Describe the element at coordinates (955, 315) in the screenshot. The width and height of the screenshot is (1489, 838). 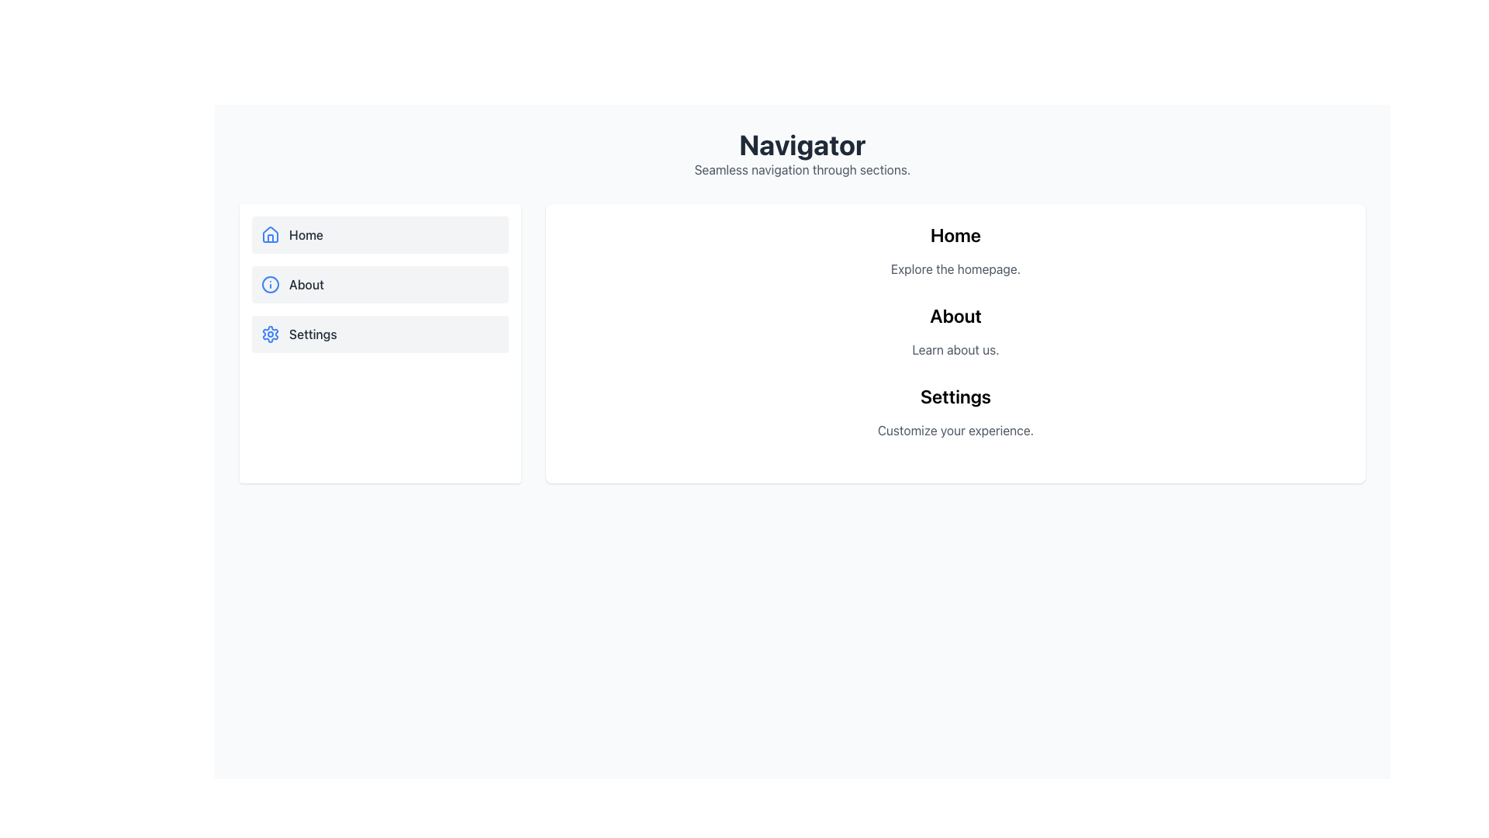
I see `the 'About' text label which is styled in a large and prominent font, located at the top of the section providing an overview of the 'About' topic` at that location.